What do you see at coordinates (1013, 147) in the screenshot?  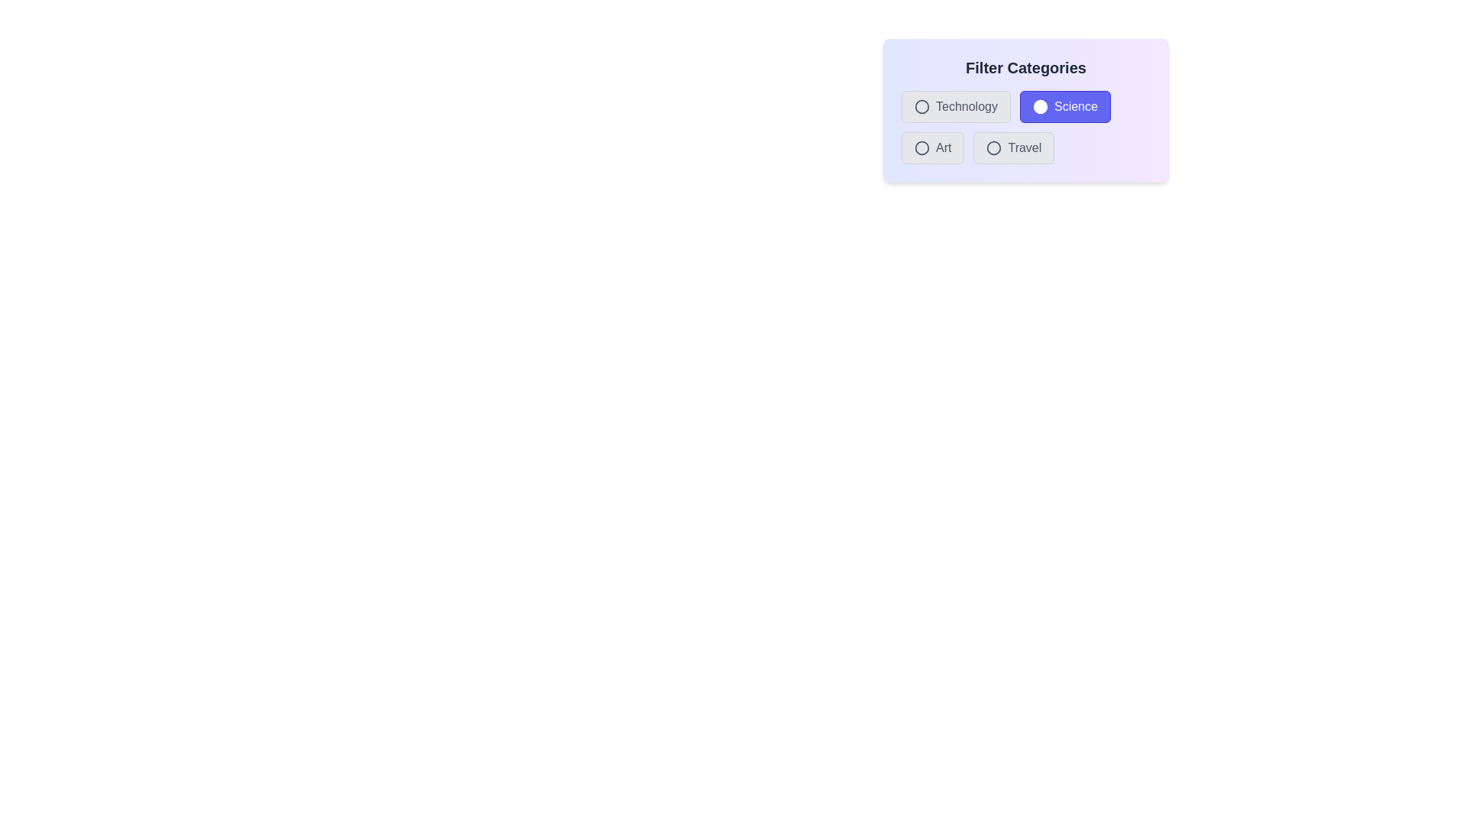 I see `the category Travel by clicking its corresponding button` at bounding box center [1013, 147].